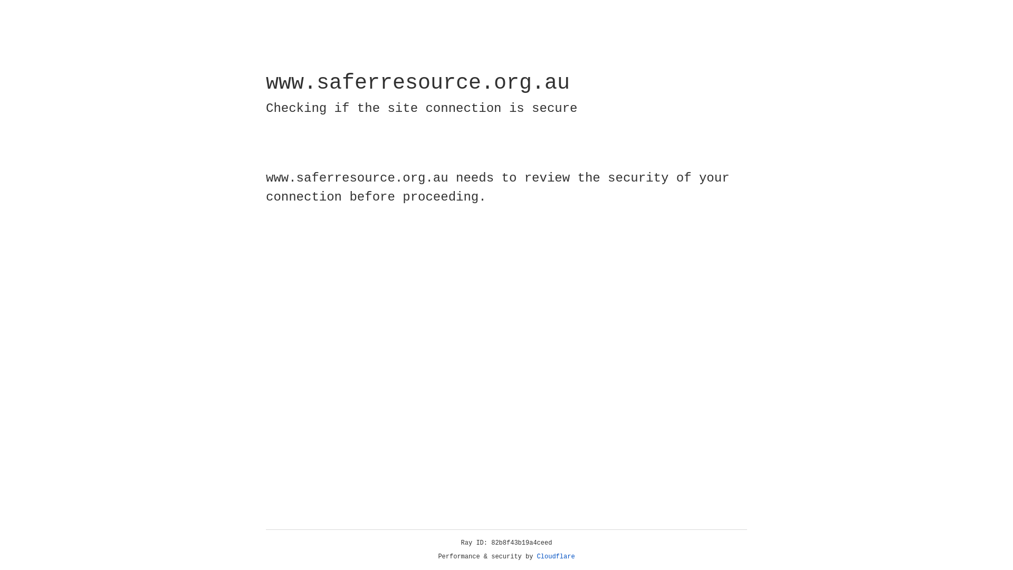  I want to click on 'Cloudflare', so click(556, 556).